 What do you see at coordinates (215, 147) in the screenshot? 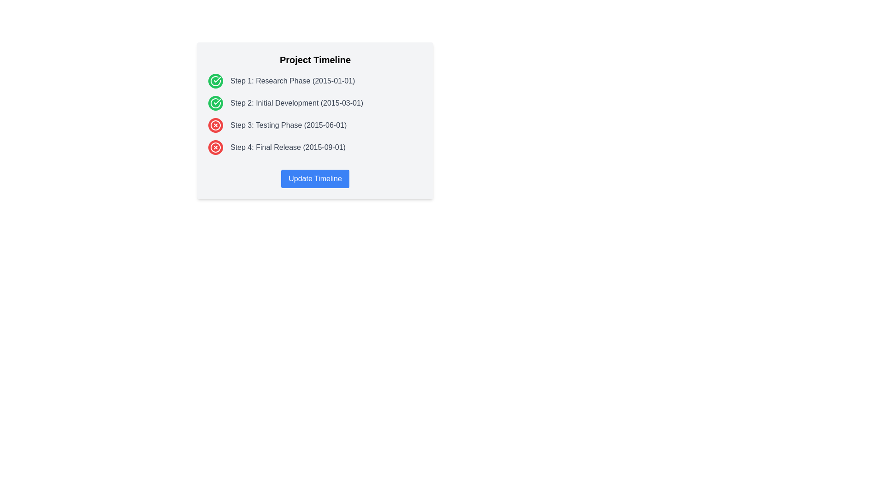
I see `the Icon button that indicates the status of 'Step 4: Final Release', representing an error or incomplete state` at bounding box center [215, 147].